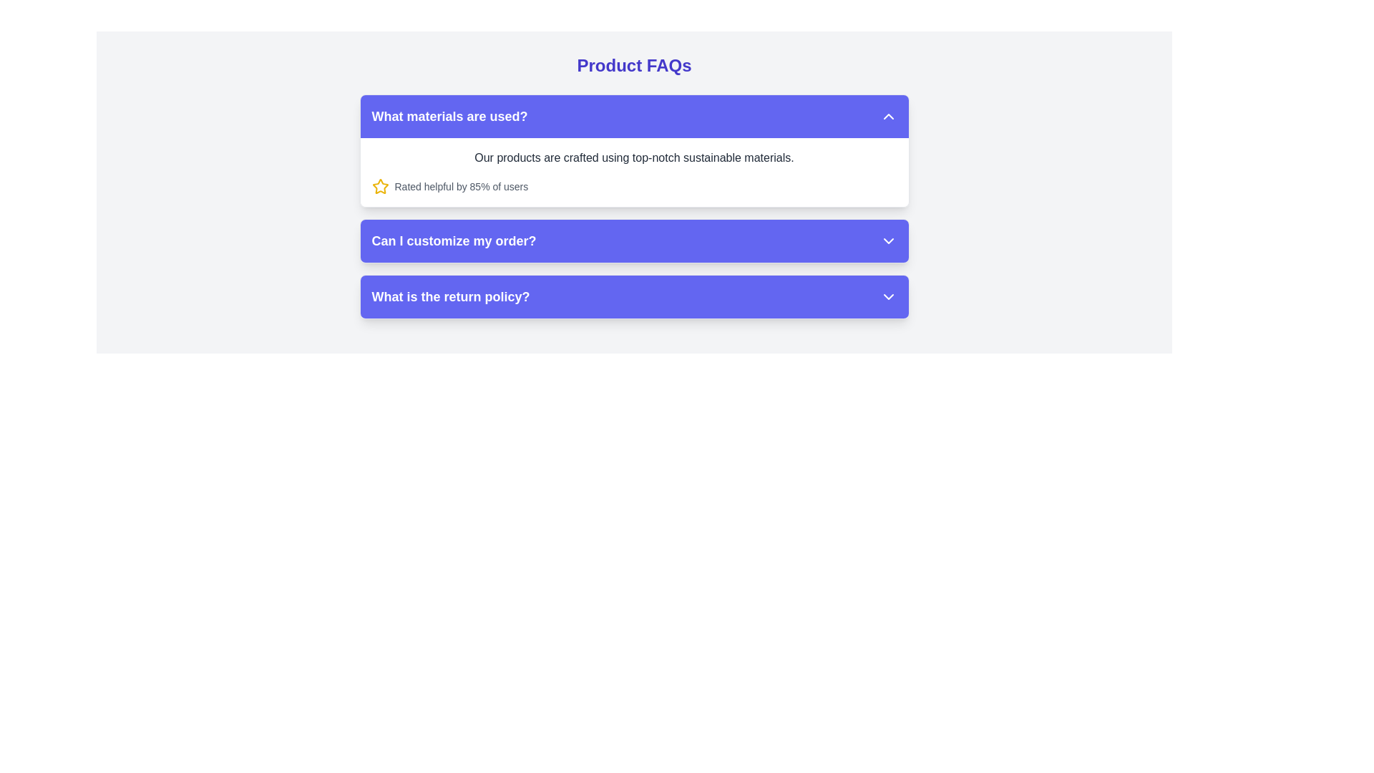 The width and height of the screenshot is (1374, 773). What do you see at coordinates (887, 115) in the screenshot?
I see `the upward-facing chevron icon with a triangular arrow shape, which is styled in white on a purple background, located at the upper-right corner of the header for the question item labeled 'What materials are used?'` at bounding box center [887, 115].